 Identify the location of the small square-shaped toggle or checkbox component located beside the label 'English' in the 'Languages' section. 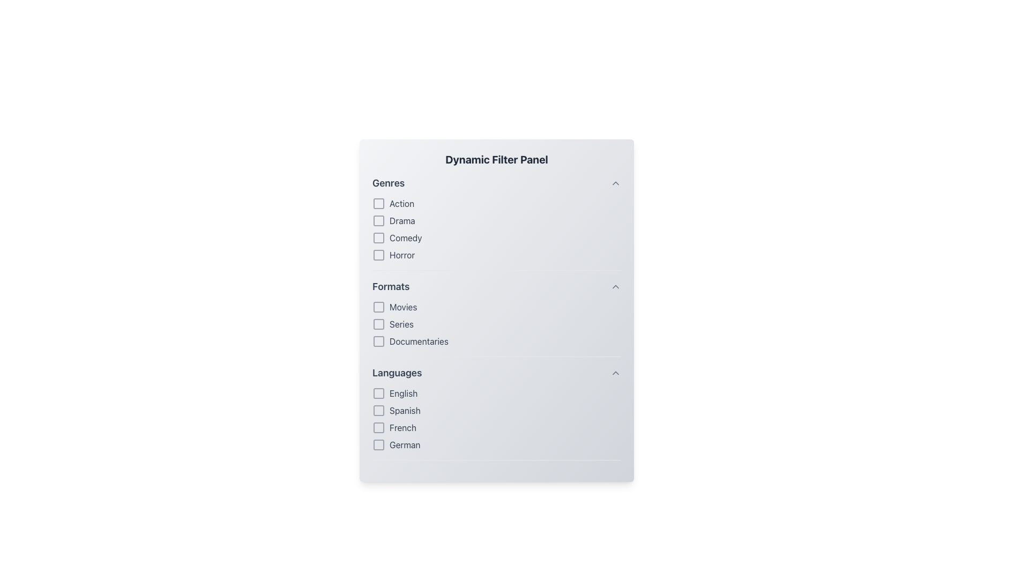
(378, 393).